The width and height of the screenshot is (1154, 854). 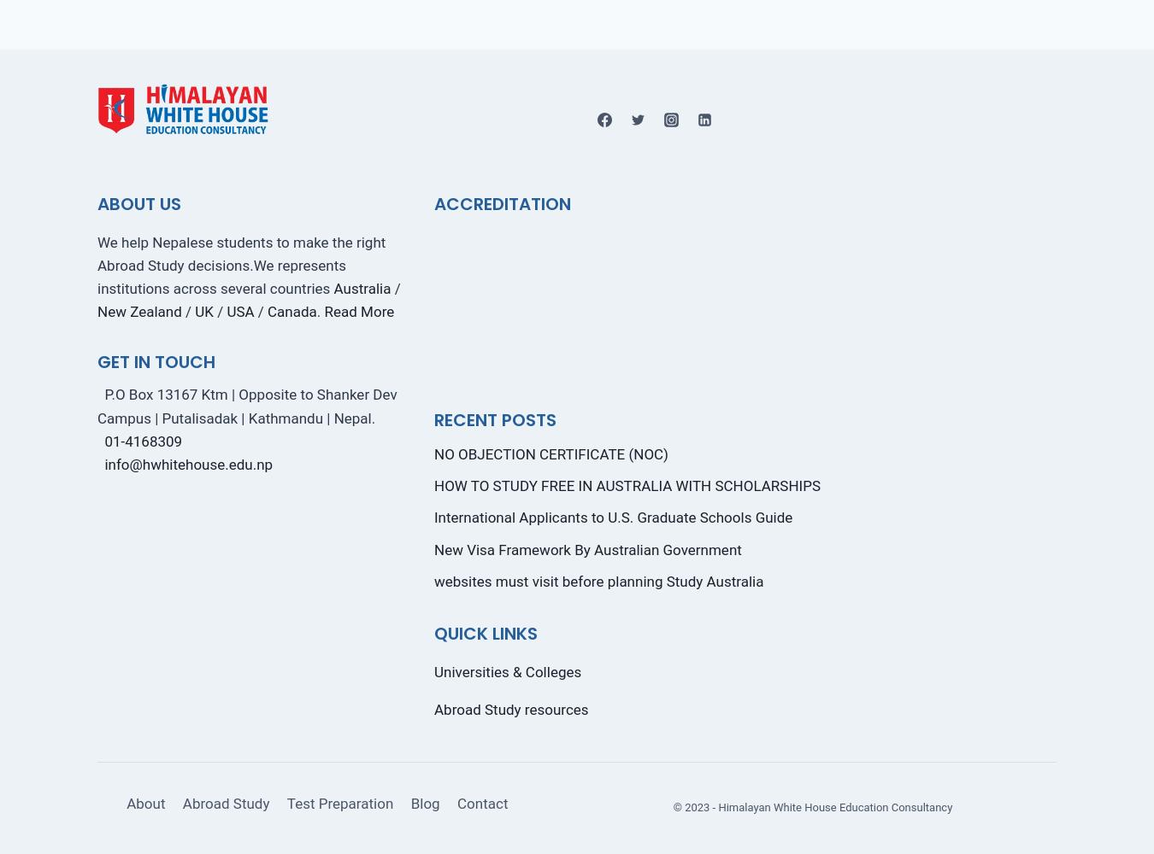 I want to click on 'Contact', so click(x=456, y=803).